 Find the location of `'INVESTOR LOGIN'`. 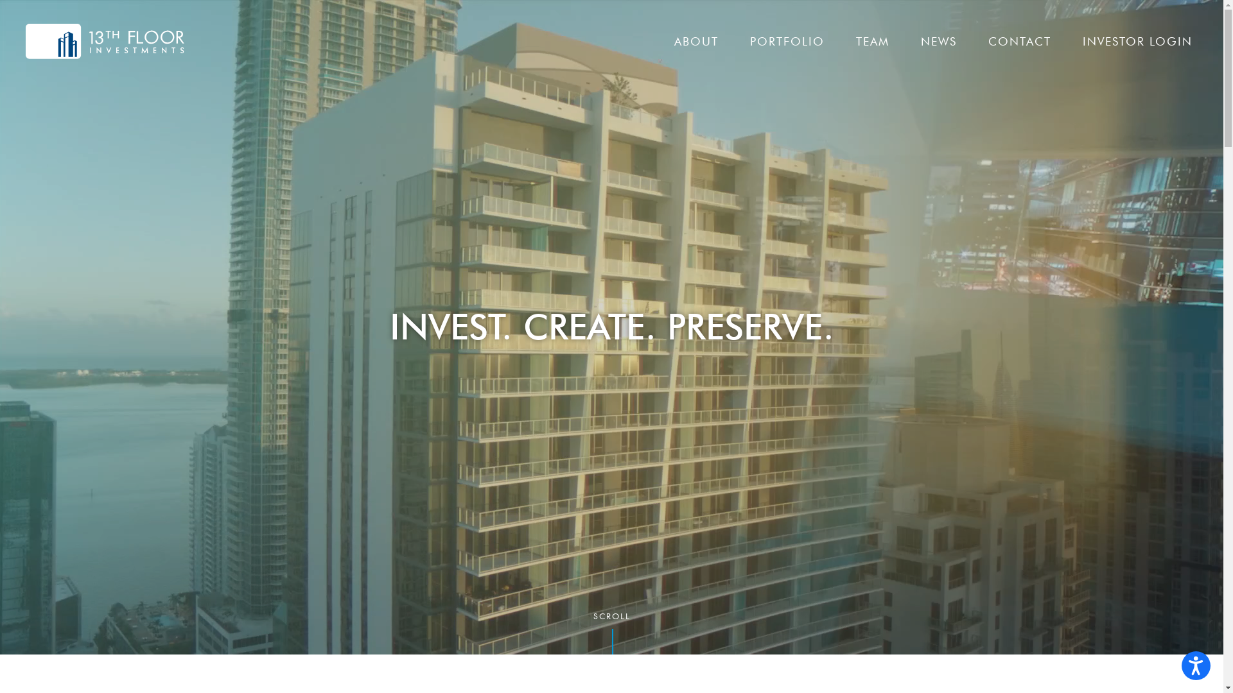

'INVESTOR LOGIN' is located at coordinates (1137, 40).